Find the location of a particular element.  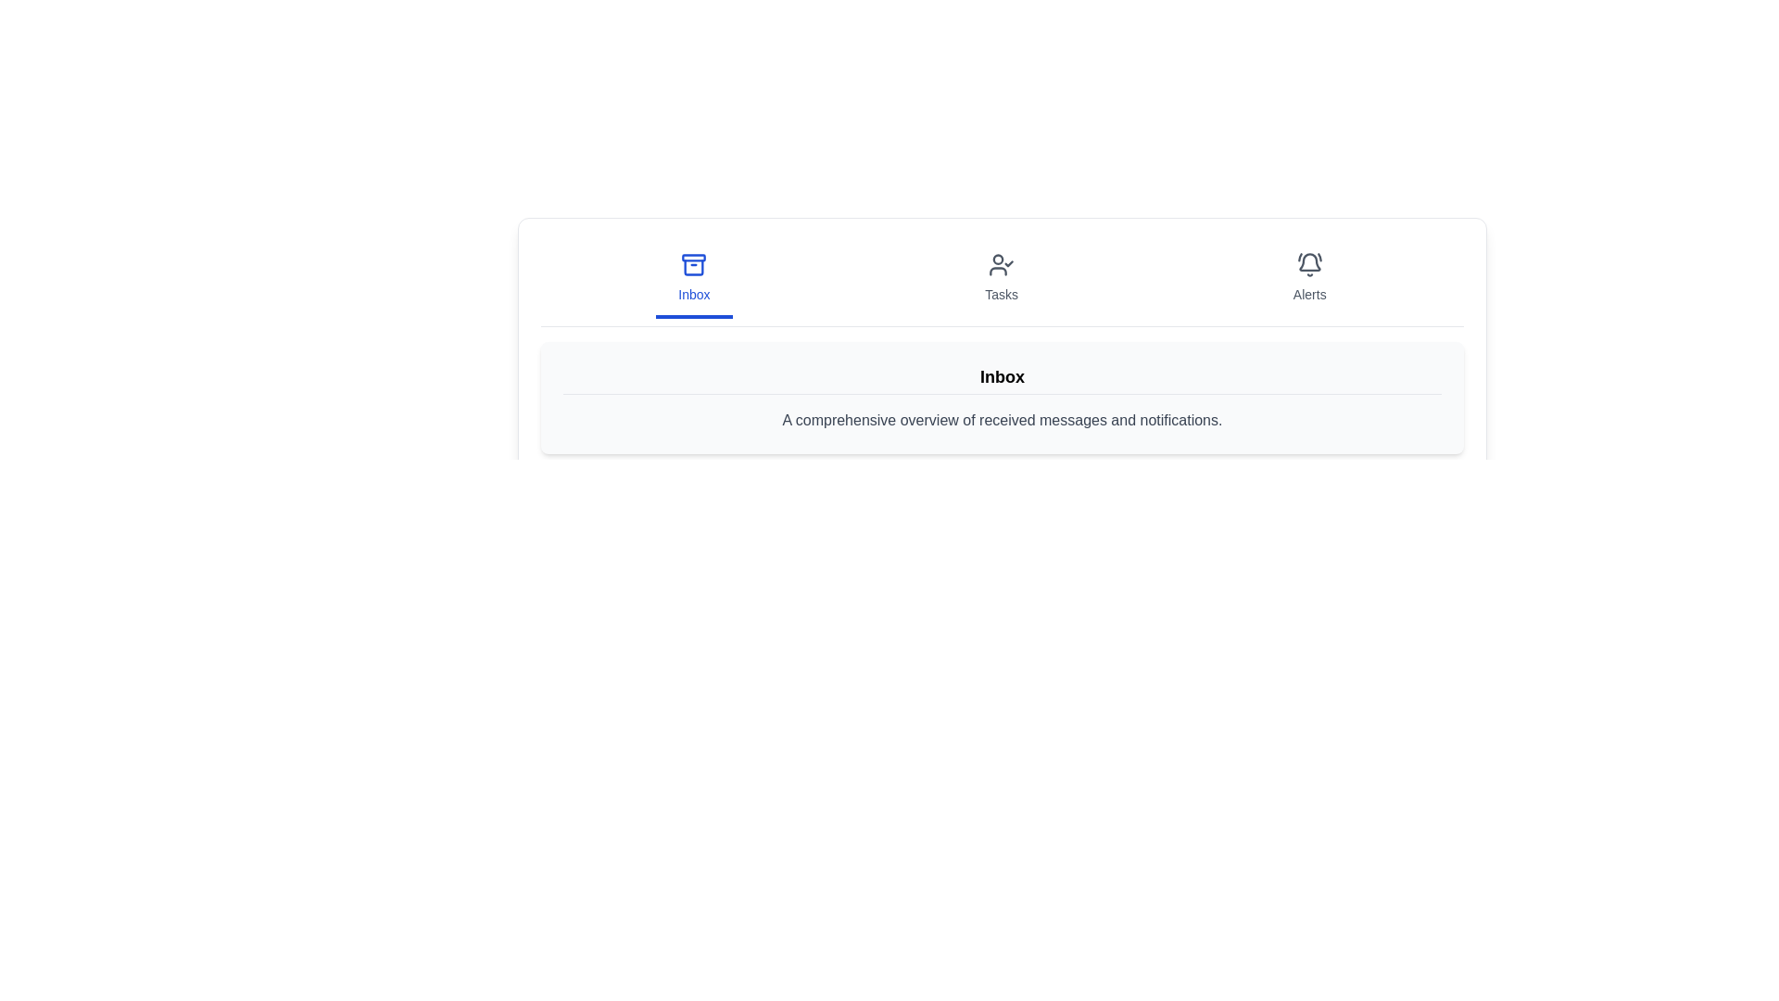

the tab labeled 'Inbox' to view its content is located at coordinates (693, 279).